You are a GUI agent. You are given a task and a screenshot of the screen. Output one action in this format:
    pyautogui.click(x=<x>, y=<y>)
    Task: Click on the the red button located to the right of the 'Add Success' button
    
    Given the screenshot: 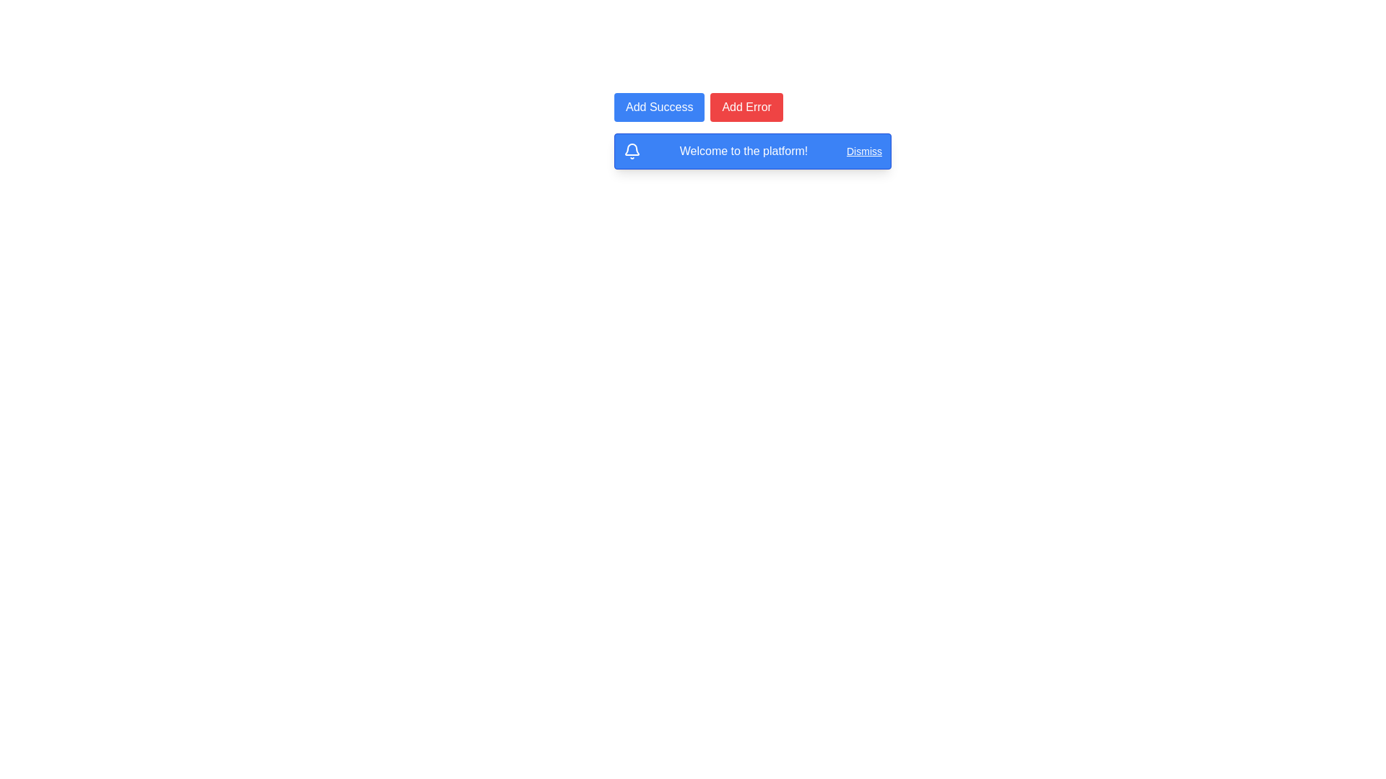 What is the action you would take?
    pyautogui.click(x=746, y=107)
    